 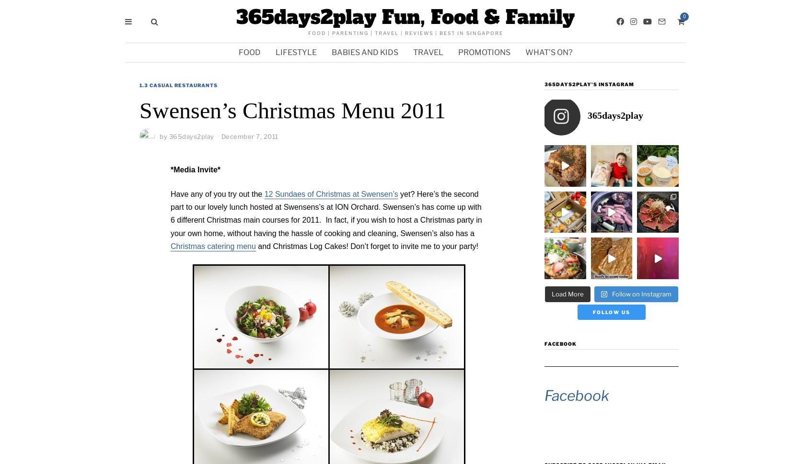 What do you see at coordinates (178, 85) in the screenshot?
I see `'1.3 Casual Restaurants'` at bounding box center [178, 85].